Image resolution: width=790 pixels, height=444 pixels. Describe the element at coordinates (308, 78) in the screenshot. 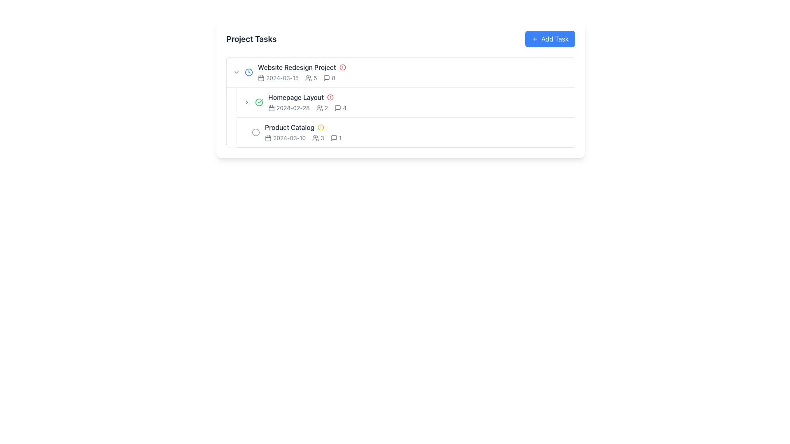

I see `the user icon, which resembles stylized silhouettes of two adjacent heads` at that location.